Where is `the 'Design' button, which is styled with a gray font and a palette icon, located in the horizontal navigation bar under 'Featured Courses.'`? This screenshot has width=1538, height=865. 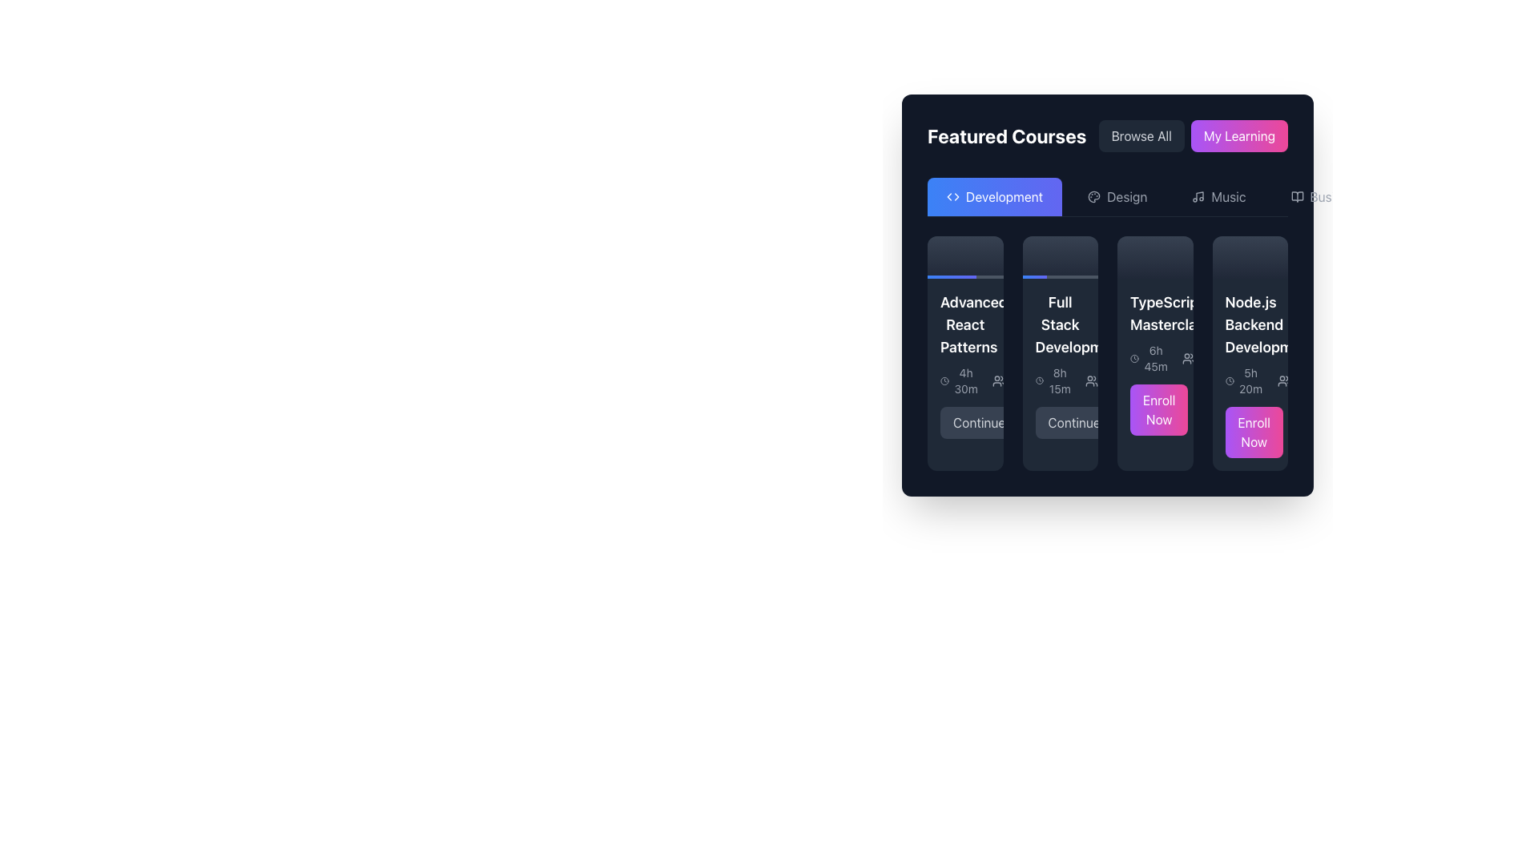 the 'Design' button, which is styled with a gray font and a palette icon, located in the horizontal navigation bar under 'Featured Courses.' is located at coordinates (1117, 196).